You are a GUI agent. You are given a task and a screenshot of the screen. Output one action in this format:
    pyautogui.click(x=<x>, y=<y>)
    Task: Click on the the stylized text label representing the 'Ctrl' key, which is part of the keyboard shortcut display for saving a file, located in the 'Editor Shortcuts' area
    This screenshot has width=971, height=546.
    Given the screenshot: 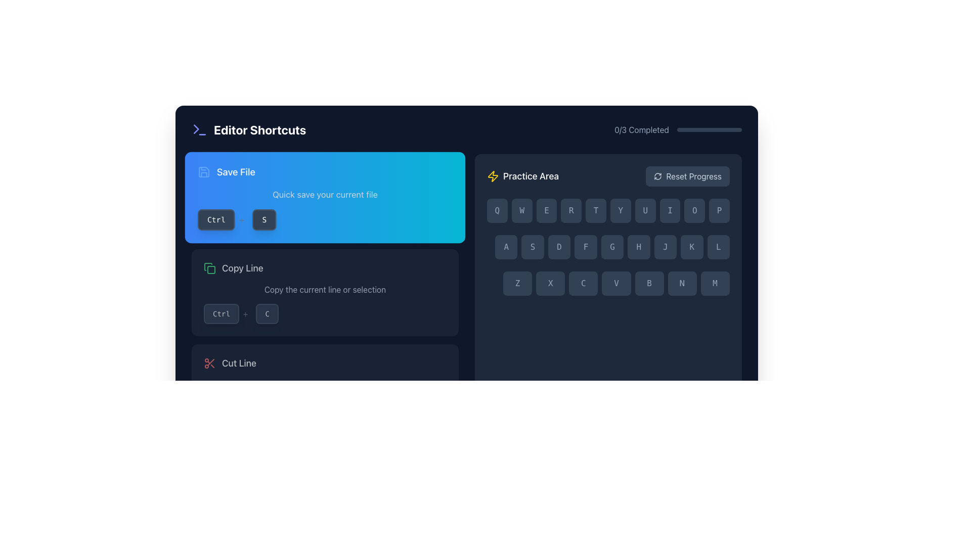 What is the action you would take?
    pyautogui.click(x=215, y=219)
    